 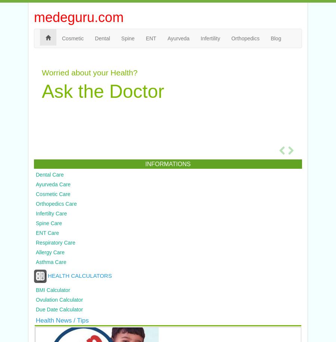 What do you see at coordinates (128, 38) in the screenshot?
I see `'Spine'` at bounding box center [128, 38].